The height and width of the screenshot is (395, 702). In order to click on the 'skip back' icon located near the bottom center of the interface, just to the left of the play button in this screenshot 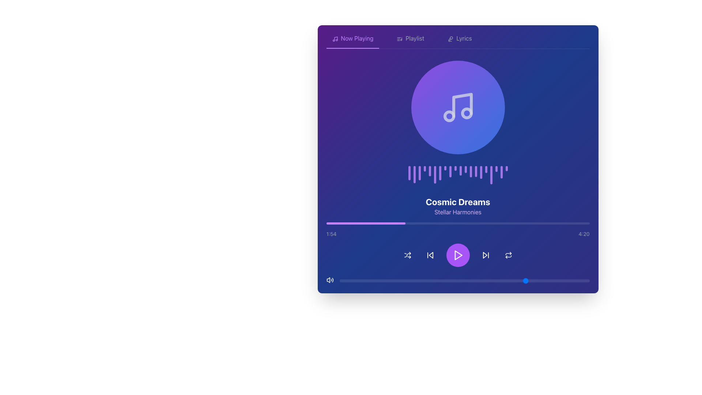, I will do `click(431, 255)`.